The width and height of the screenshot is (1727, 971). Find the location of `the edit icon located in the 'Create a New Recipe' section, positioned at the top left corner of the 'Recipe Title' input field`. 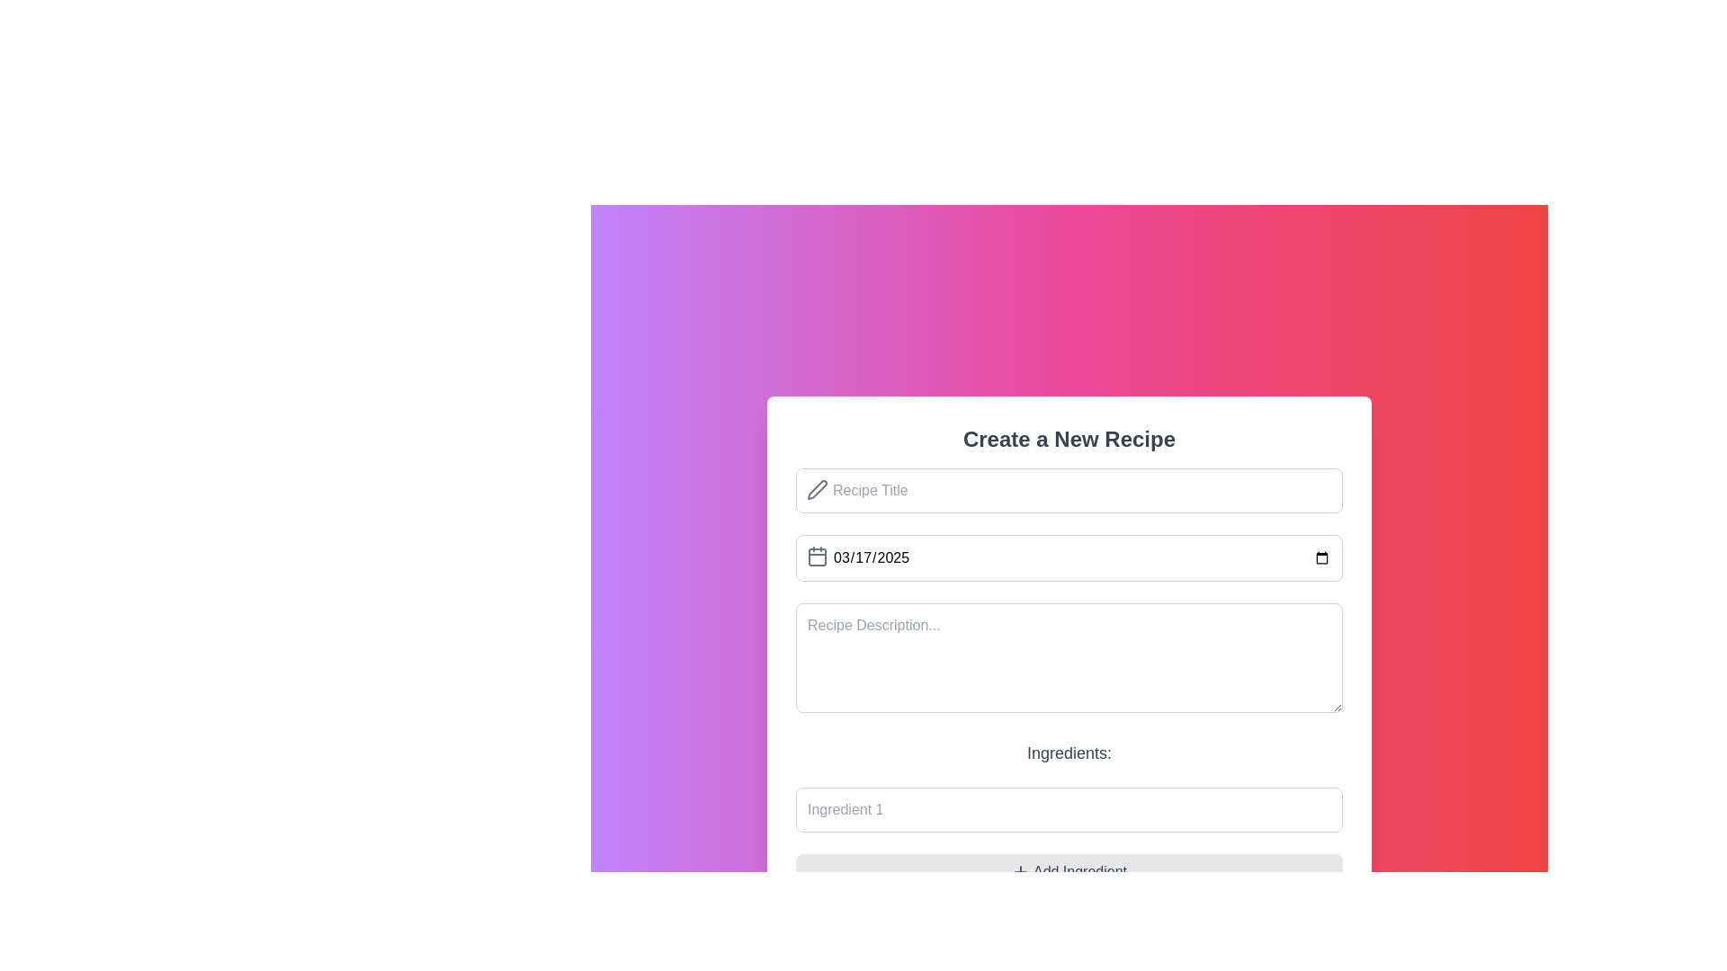

the edit icon located in the 'Create a New Recipe' section, positioned at the top left corner of the 'Recipe Title' input field is located at coordinates (815, 489).